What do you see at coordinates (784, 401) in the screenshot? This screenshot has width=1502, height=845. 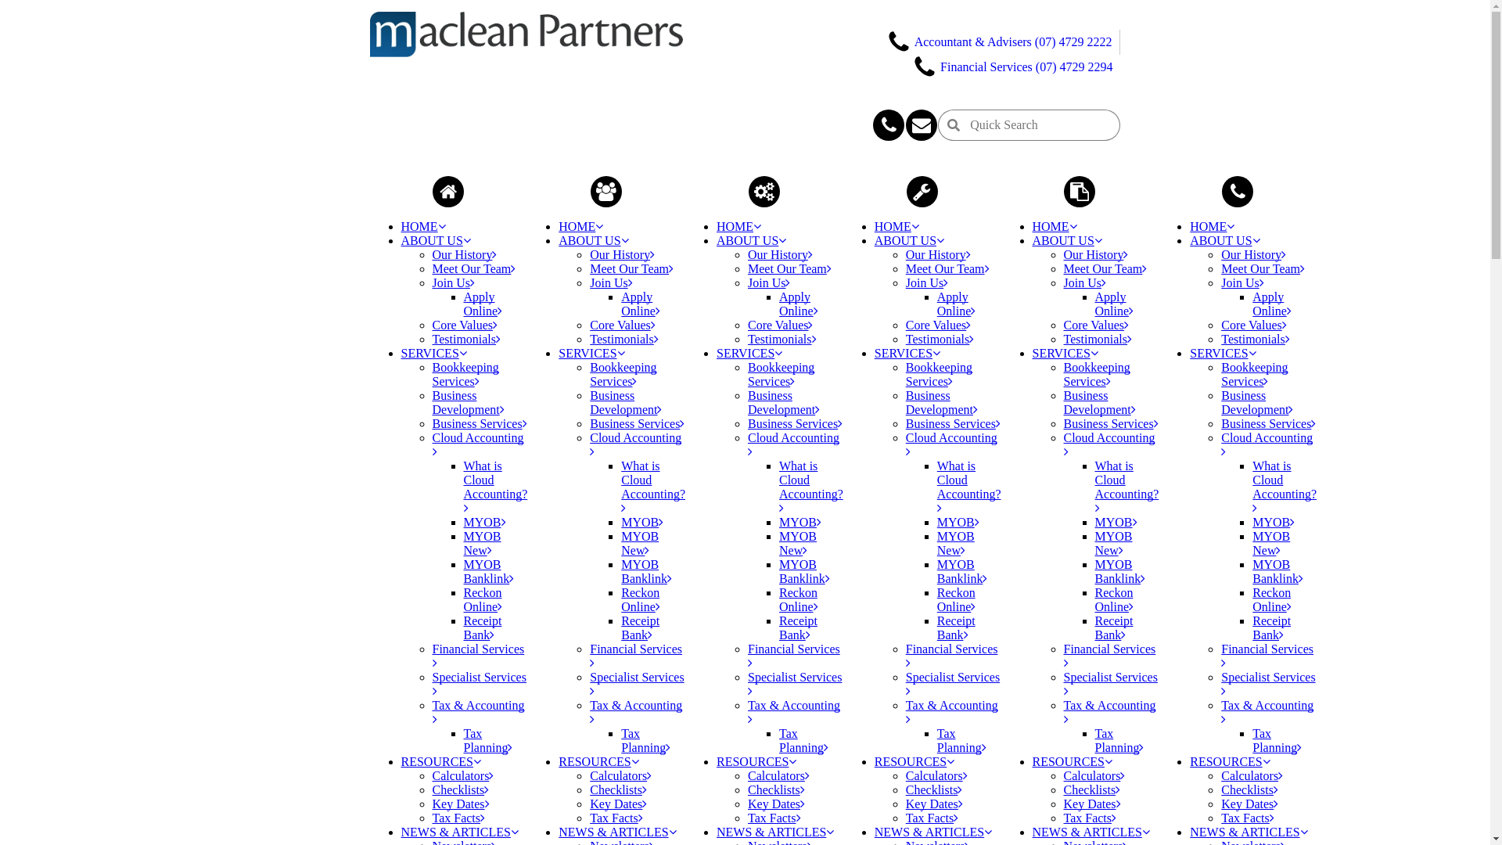 I see `'Business Development'` at bounding box center [784, 401].